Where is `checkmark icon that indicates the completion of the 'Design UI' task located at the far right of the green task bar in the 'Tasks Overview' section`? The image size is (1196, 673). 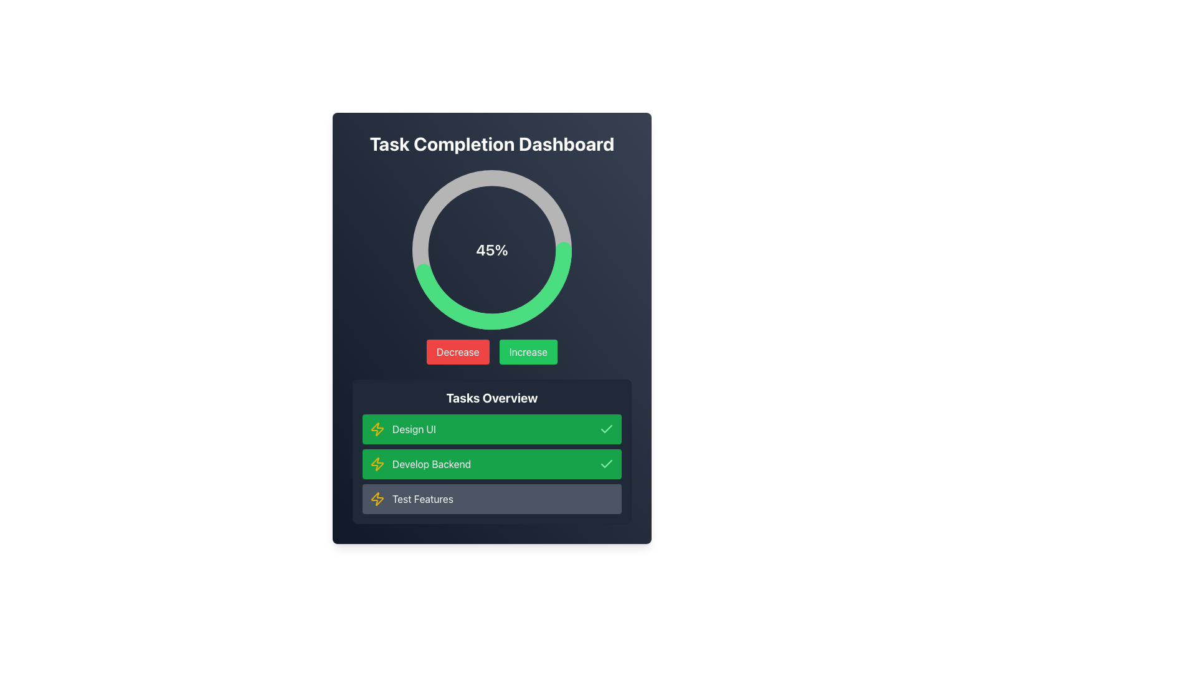 checkmark icon that indicates the completion of the 'Design UI' task located at the far right of the green task bar in the 'Tasks Overview' section is located at coordinates (607, 429).